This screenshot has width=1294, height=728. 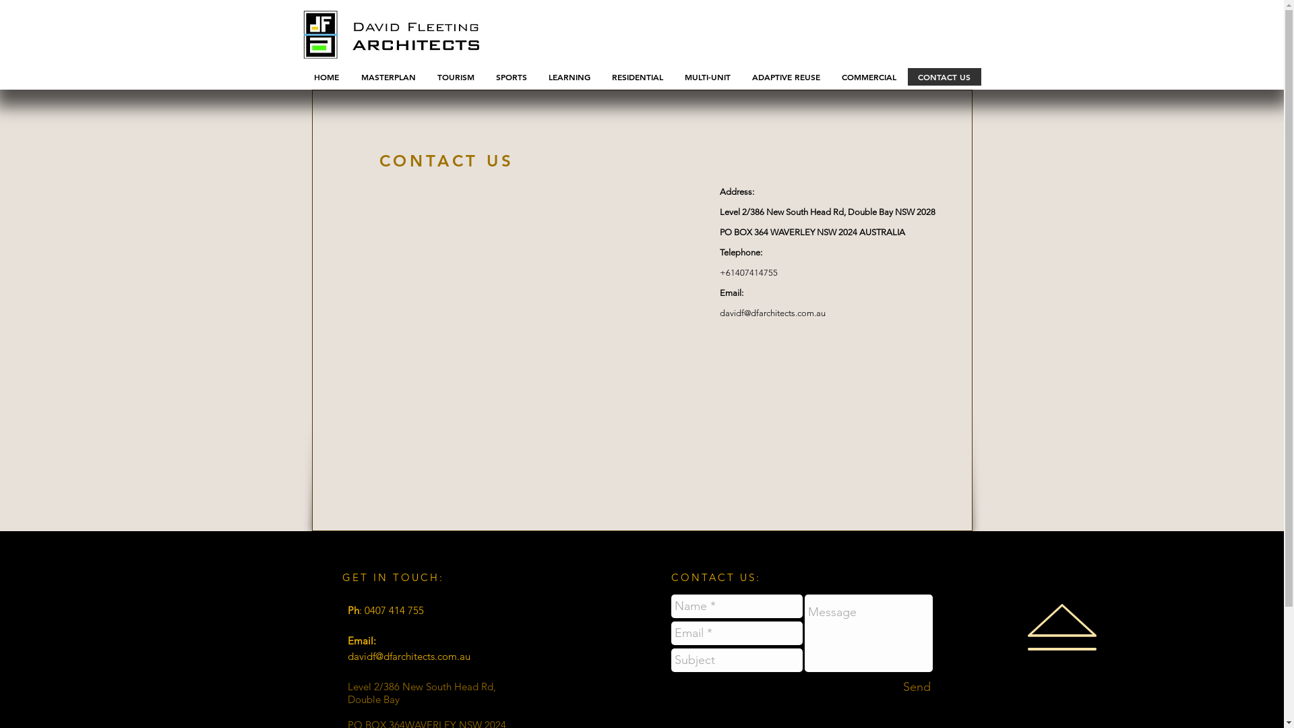 I want to click on 'MASTERPLAN', so click(x=387, y=77).